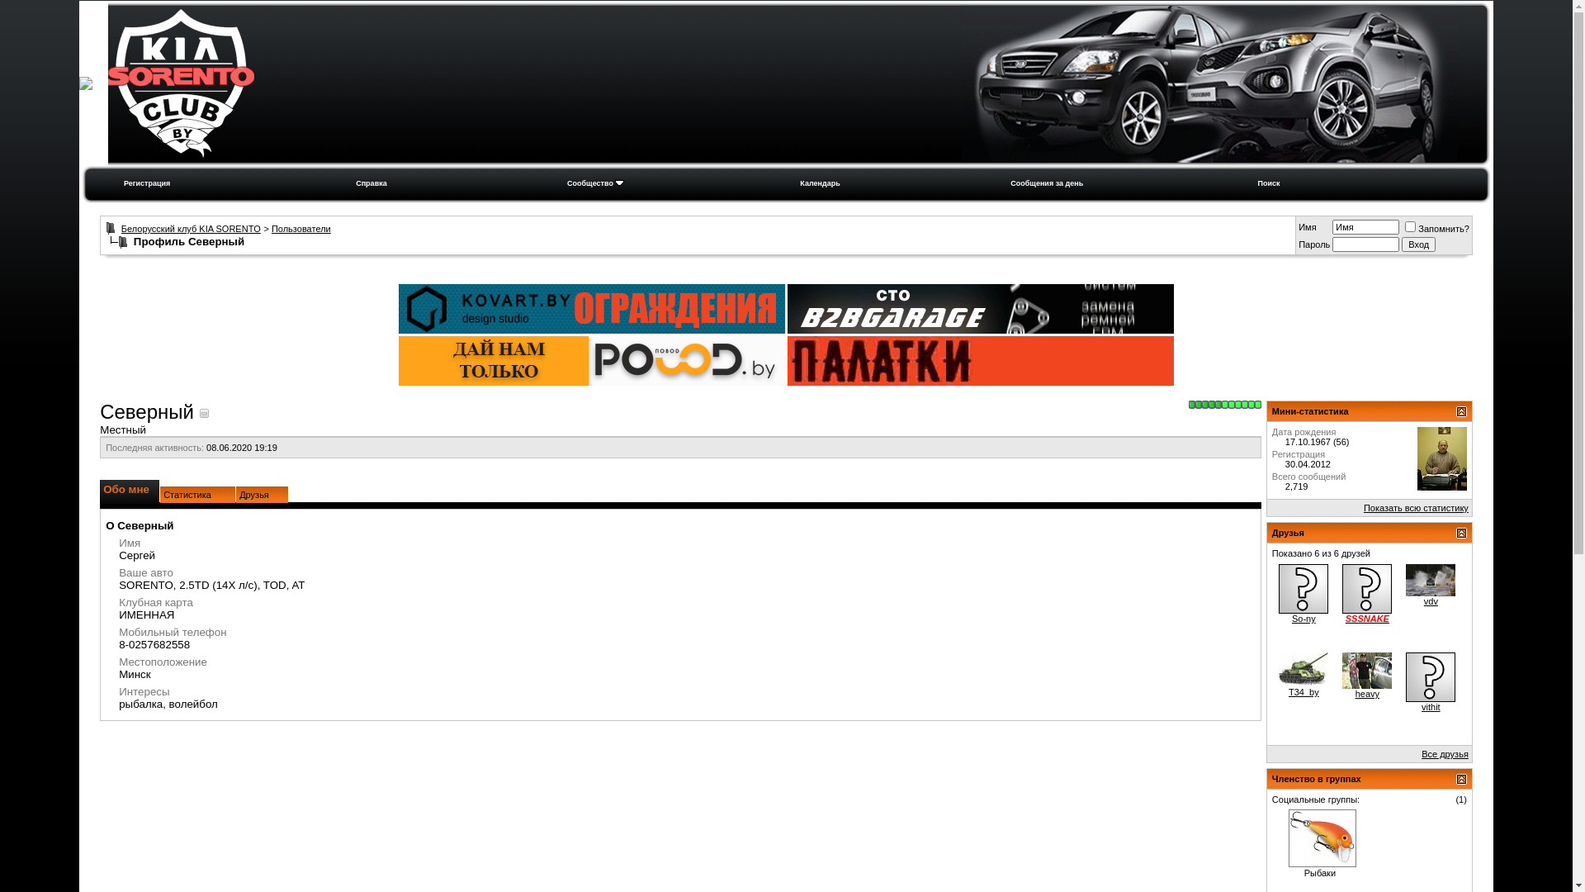 The height and width of the screenshot is (892, 1585). Describe the element at coordinates (181, 83) in the screenshot. I see `'KIA-SORENTO-CLUB.BY'` at that location.